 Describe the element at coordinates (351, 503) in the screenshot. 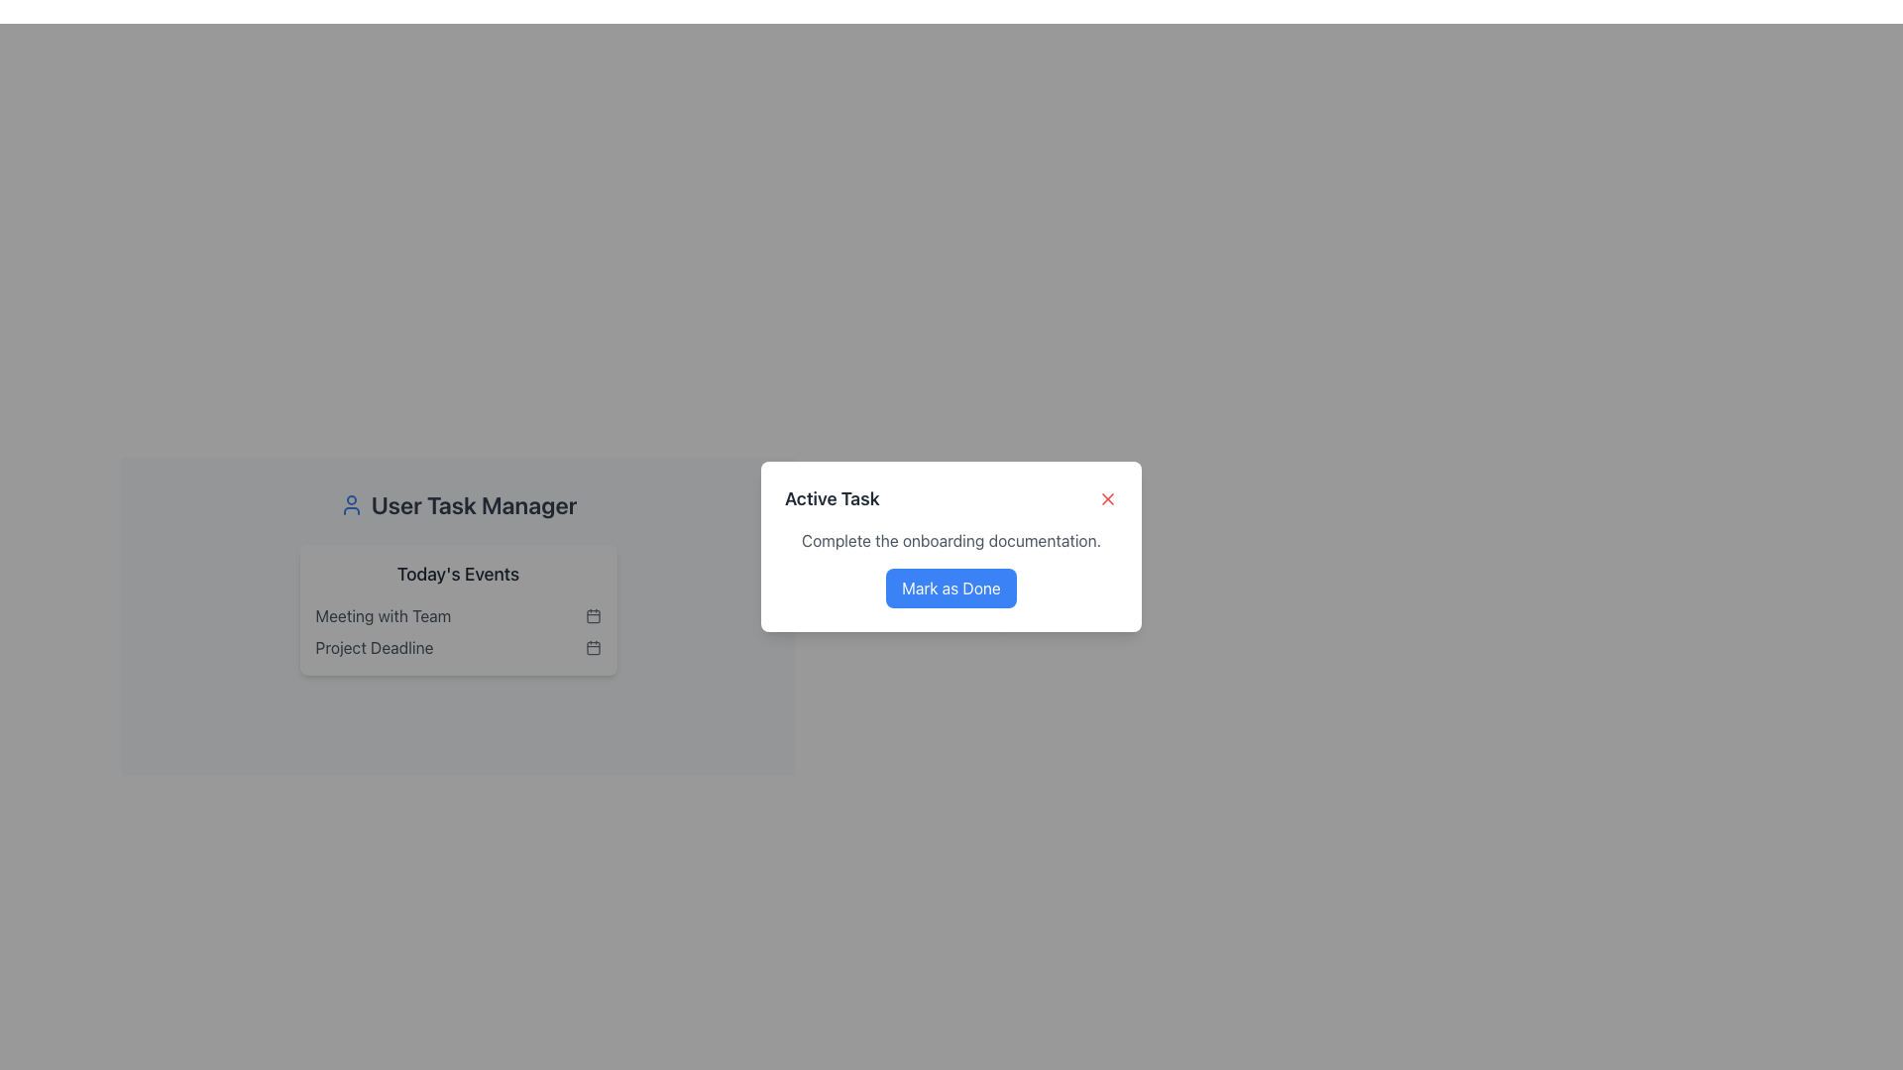

I see `the decorative icon located to the left of the 'User Task Manager' text in the 'User Task Manager' application area` at that location.